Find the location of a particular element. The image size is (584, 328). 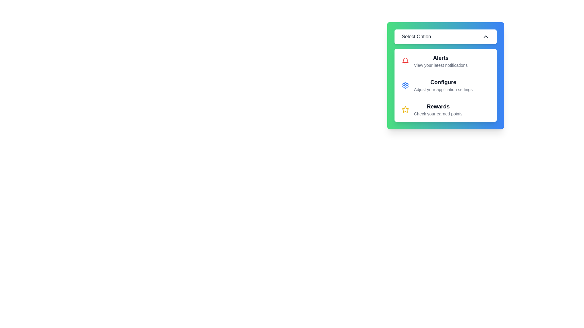

the configuration settings icon located at the upper right corner of the dropdown options box is located at coordinates (405, 85).